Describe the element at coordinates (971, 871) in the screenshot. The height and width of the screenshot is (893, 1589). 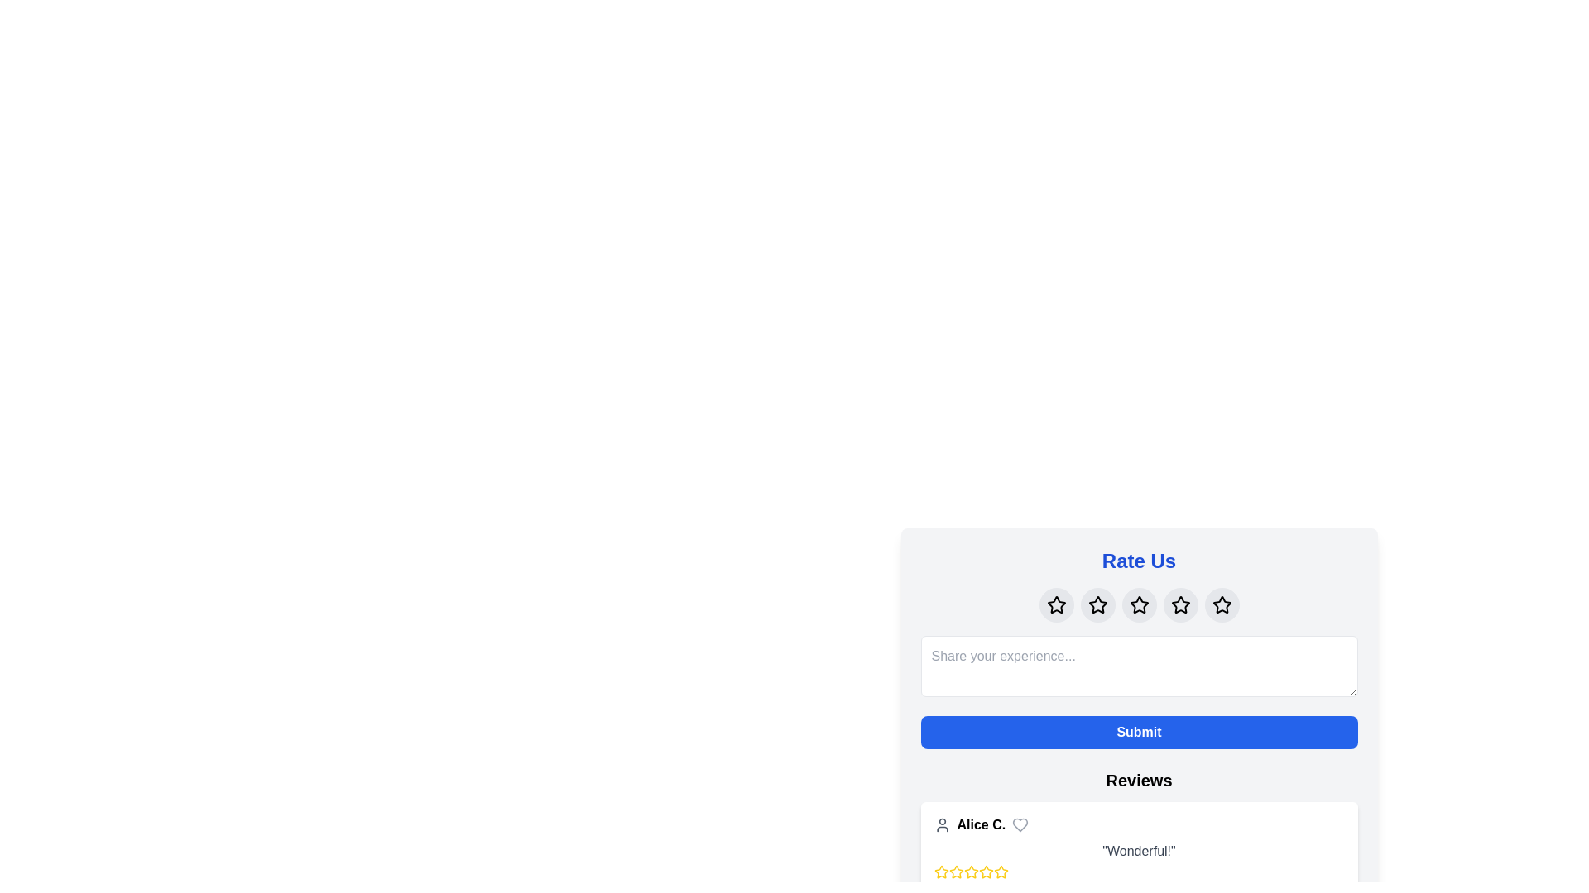
I see `the first star icon representing a one-star rating for the review by 'Alice C.' to interact and possibly alter the rating` at that location.